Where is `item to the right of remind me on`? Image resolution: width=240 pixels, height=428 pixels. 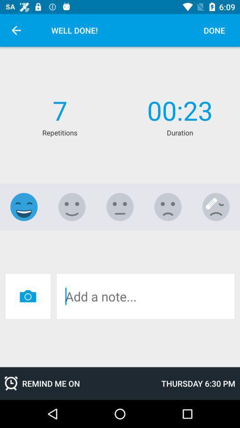 item to the right of remind me on is located at coordinates (198, 383).